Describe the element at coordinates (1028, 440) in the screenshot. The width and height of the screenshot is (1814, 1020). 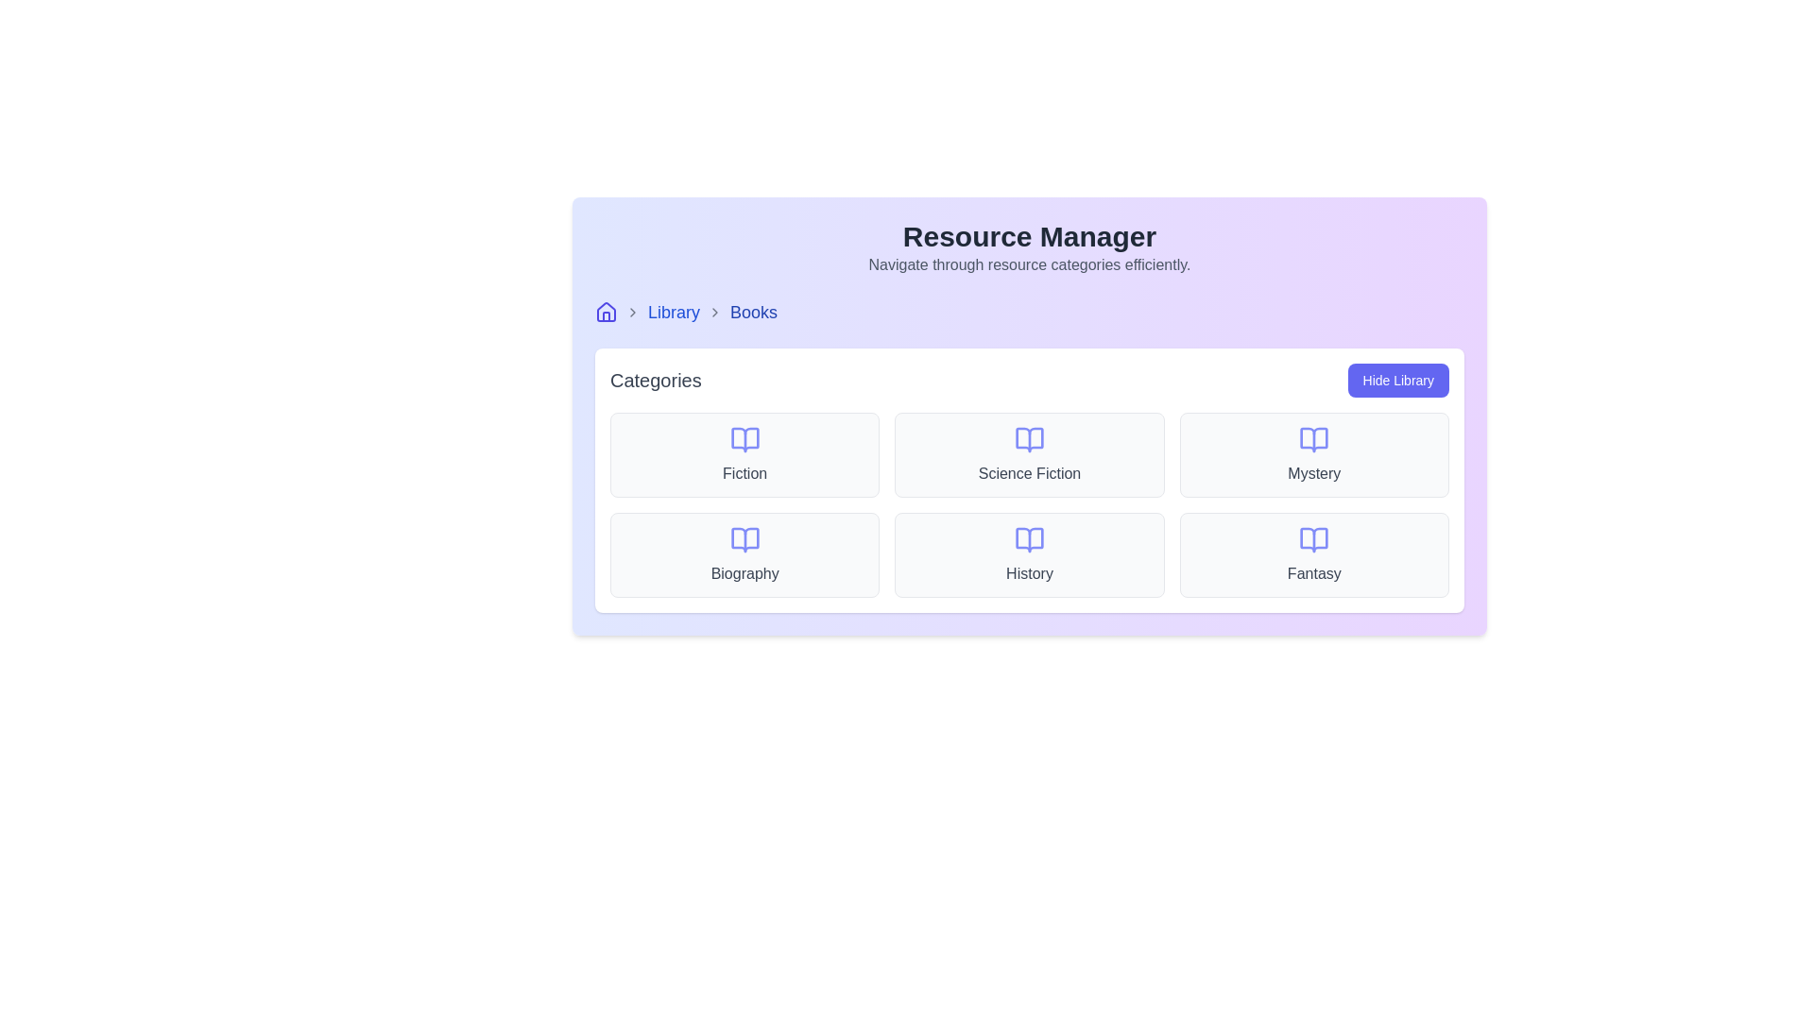
I see `the light indigo book icon located at the top-center of the 'Science Fiction' section` at that location.